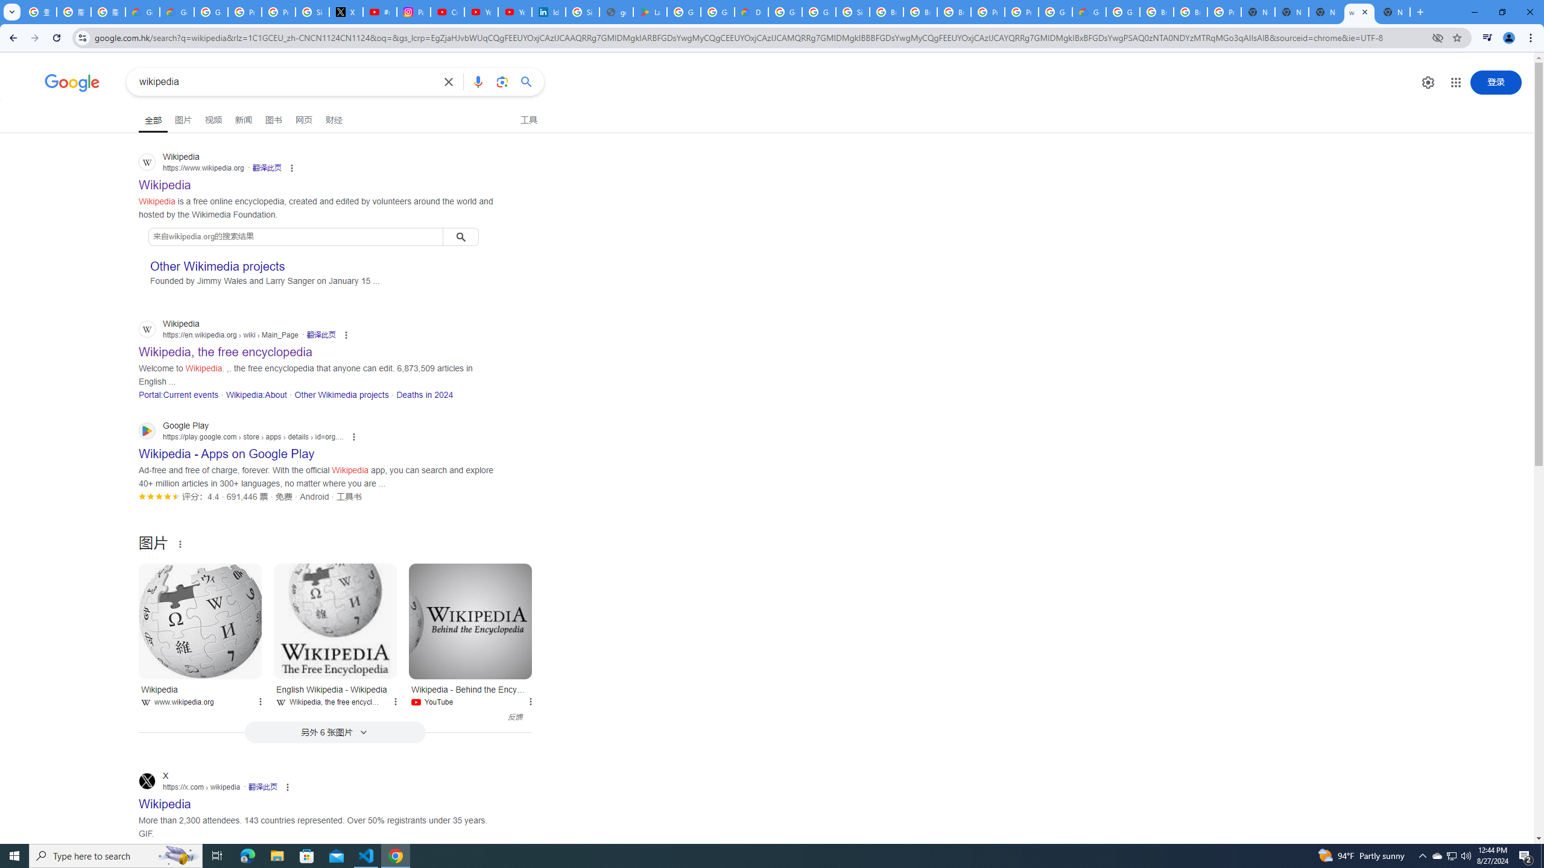  What do you see at coordinates (470, 621) in the screenshot?
I see `'Wikipedia - Behind the Encyclopedia'` at bounding box center [470, 621].